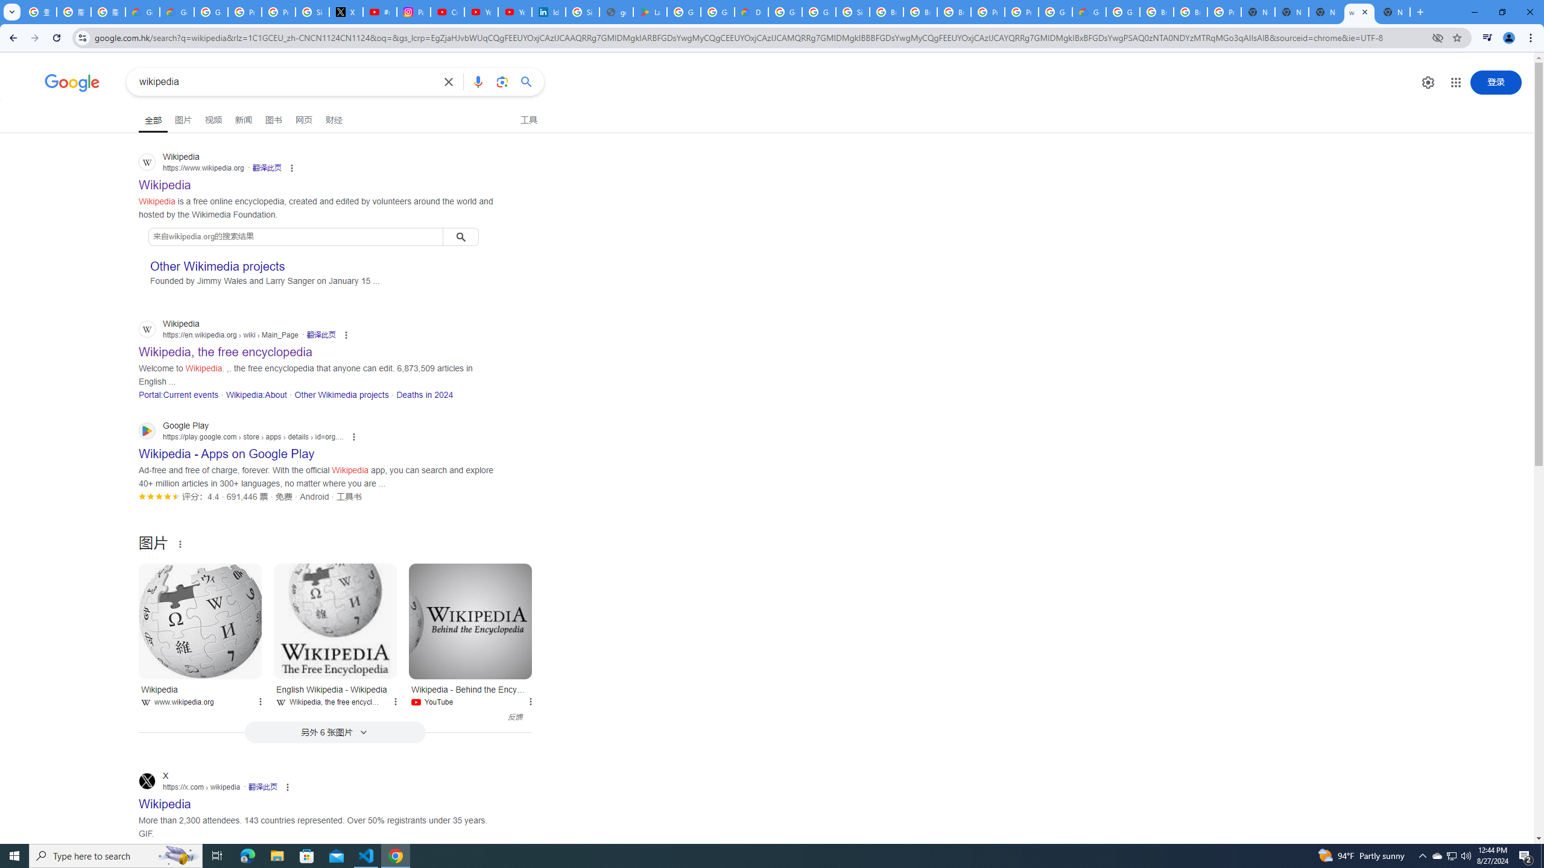  What do you see at coordinates (470, 621) in the screenshot?
I see `'Wikipedia - Behind the Encyclopedia'` at bounding box center [470, 621].